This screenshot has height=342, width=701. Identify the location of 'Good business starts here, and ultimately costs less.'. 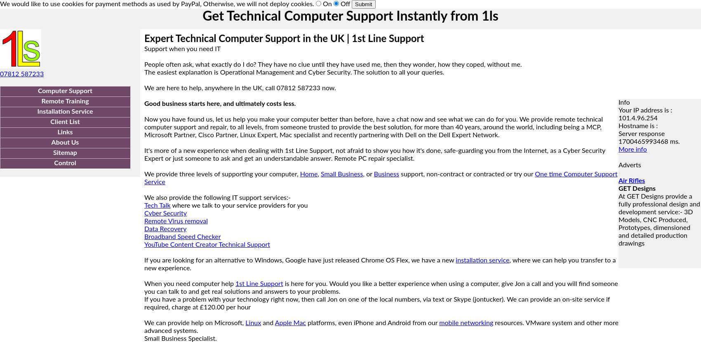
(219, 103).